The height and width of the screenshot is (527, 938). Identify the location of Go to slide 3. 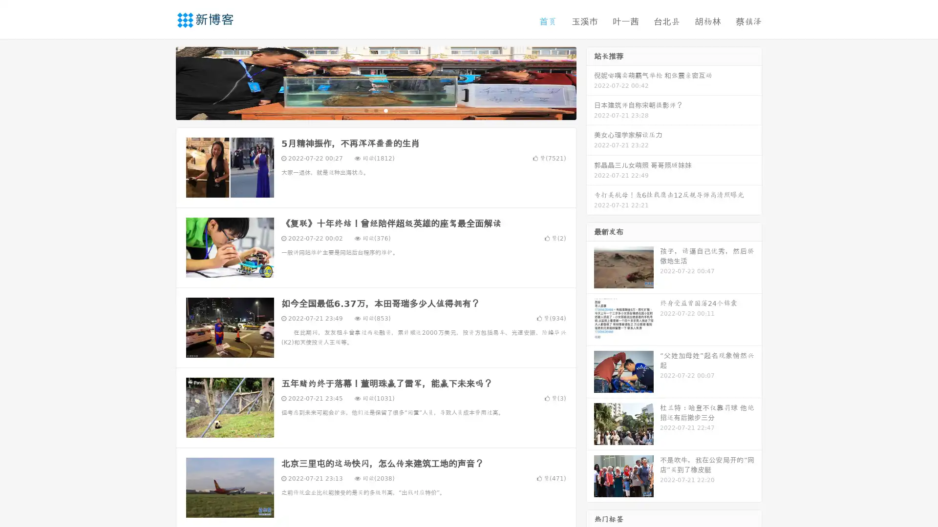
(385, 110).